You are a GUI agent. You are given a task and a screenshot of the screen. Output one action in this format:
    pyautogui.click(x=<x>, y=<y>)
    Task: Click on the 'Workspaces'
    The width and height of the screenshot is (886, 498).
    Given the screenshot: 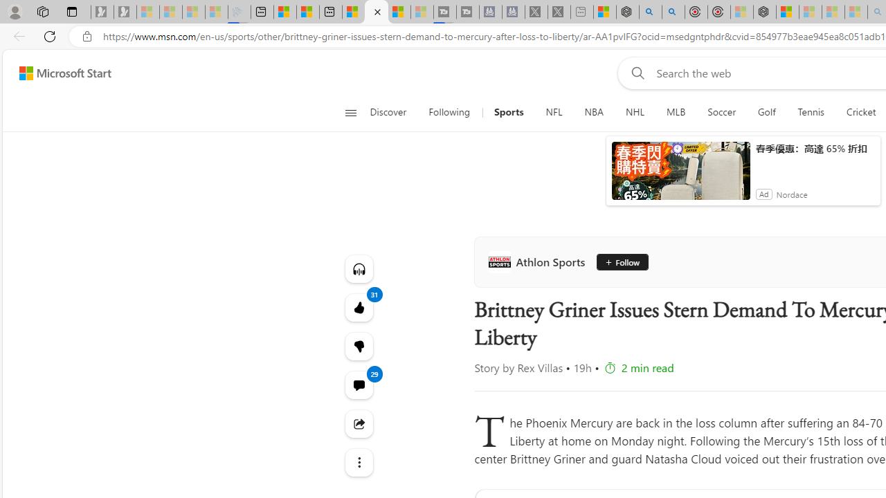 What is the action you would take?
    pyautogui.click(x=42, y=11)
    